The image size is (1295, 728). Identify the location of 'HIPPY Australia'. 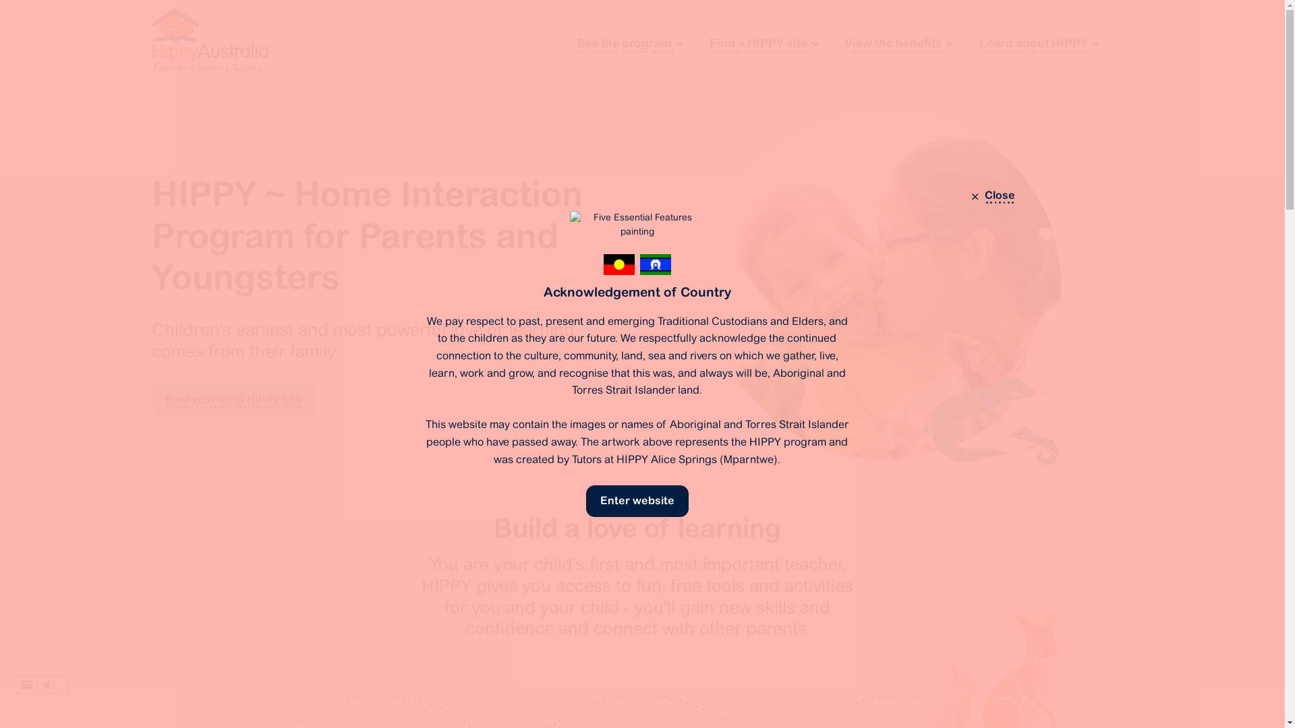
(209, 40).